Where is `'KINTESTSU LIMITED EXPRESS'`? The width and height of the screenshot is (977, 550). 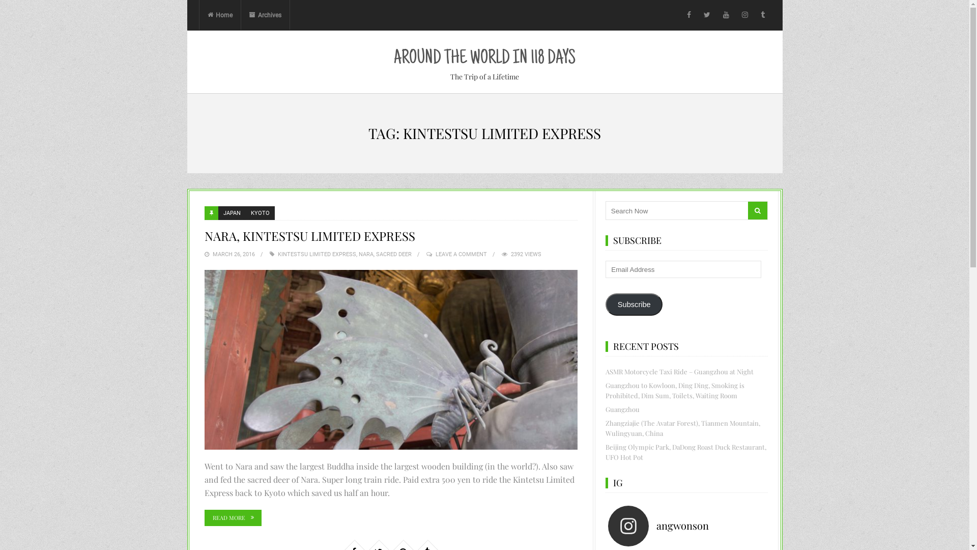 'KINTESTSU LIMITED EXPRESS' is located at coordinates (278, 254).